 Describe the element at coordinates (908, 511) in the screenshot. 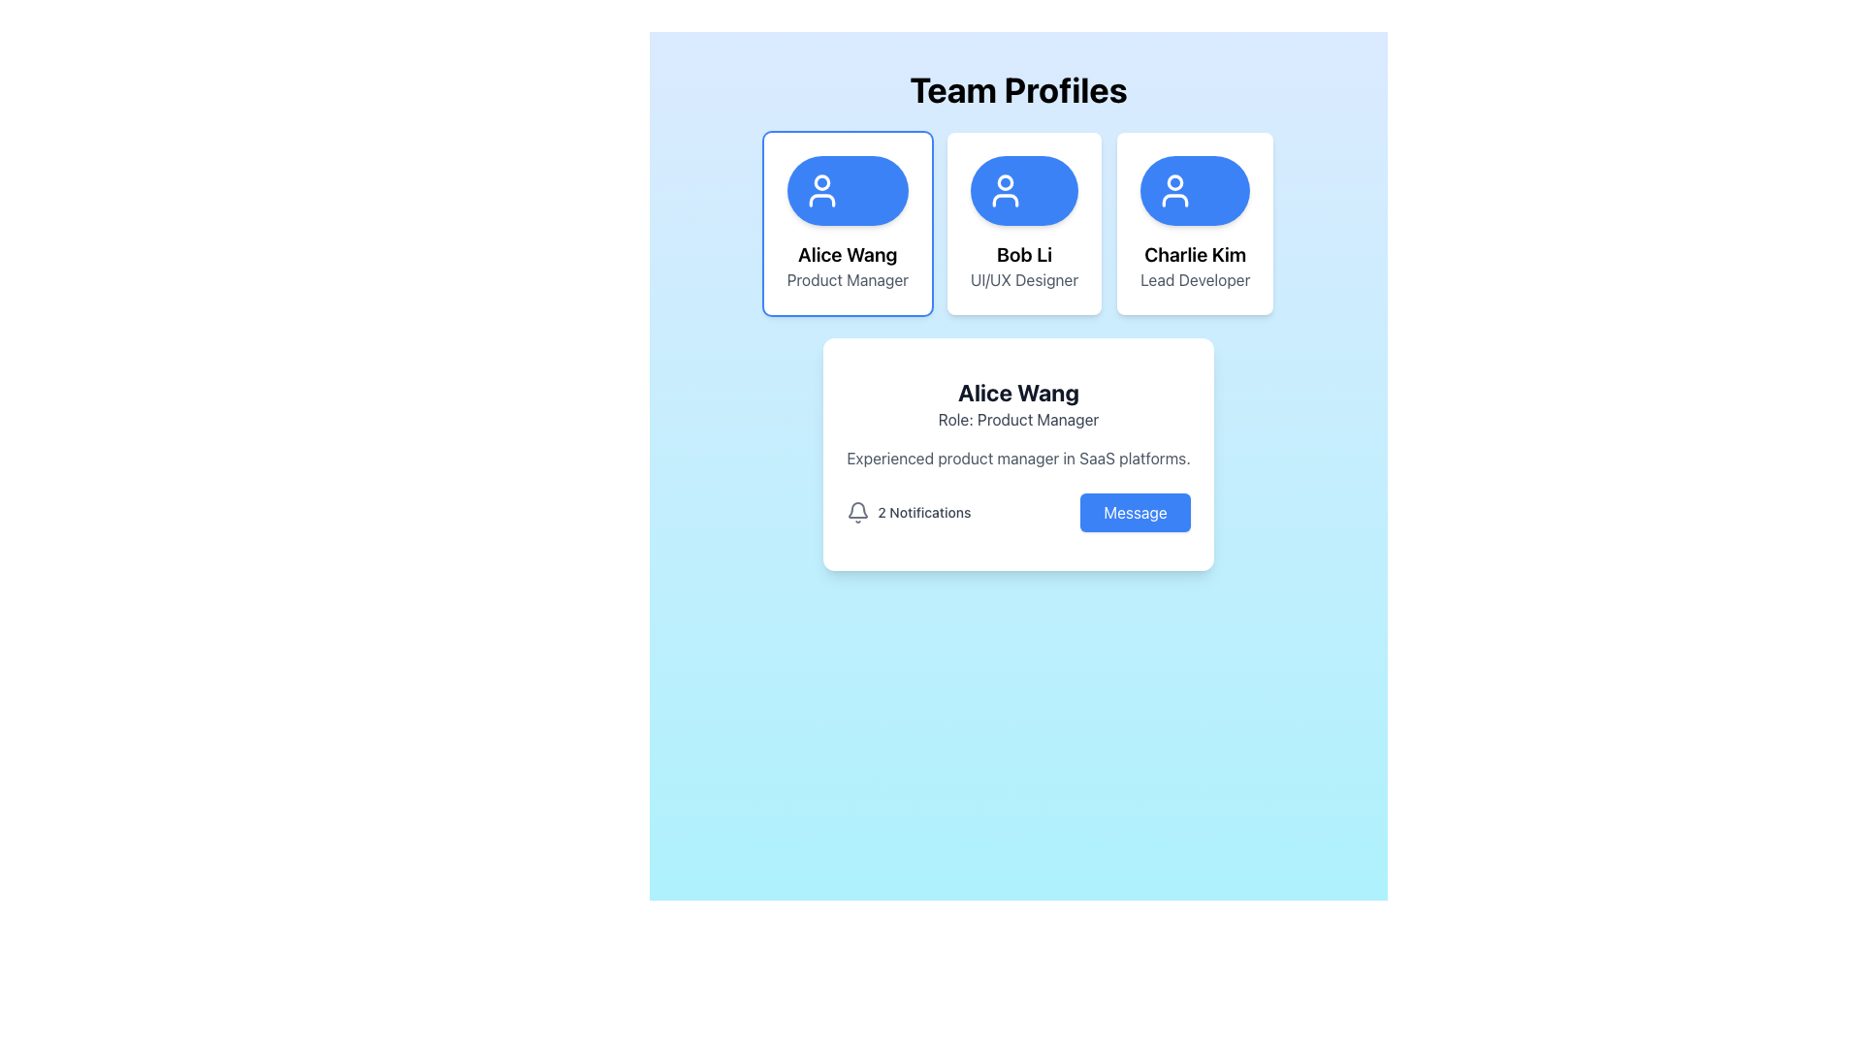

I see `the Notification indicator with combined icon and text located in the bottom left section of the profile details card` at that location.